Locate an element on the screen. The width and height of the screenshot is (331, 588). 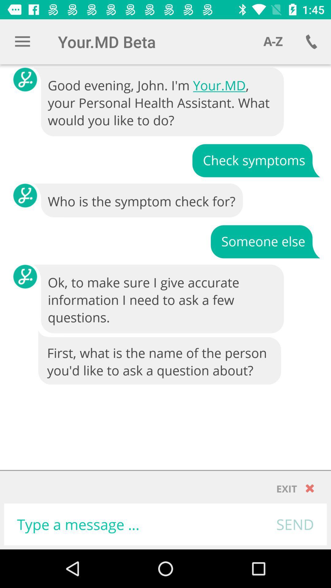
the item above the ok to make item is located at coordinates (265, 241).